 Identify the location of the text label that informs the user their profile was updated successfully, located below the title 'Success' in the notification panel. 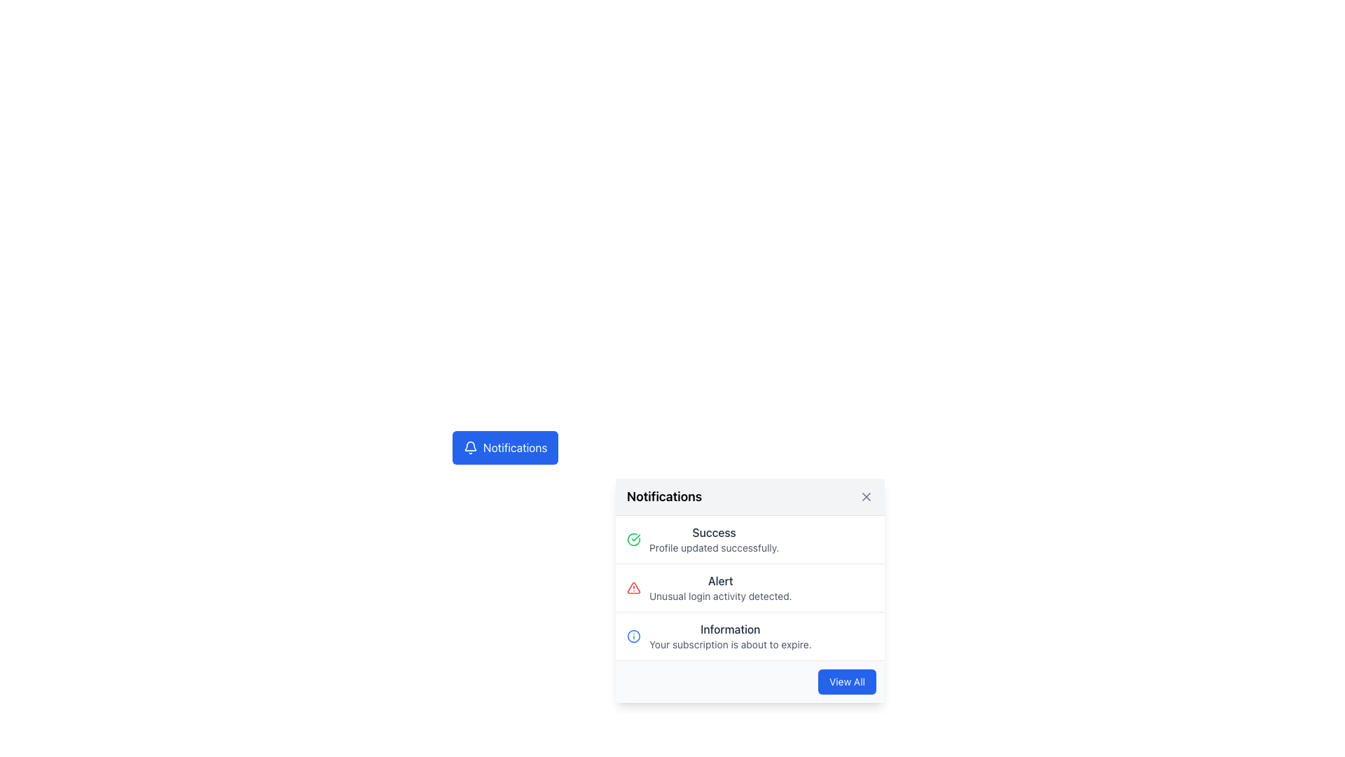
(714, 547).